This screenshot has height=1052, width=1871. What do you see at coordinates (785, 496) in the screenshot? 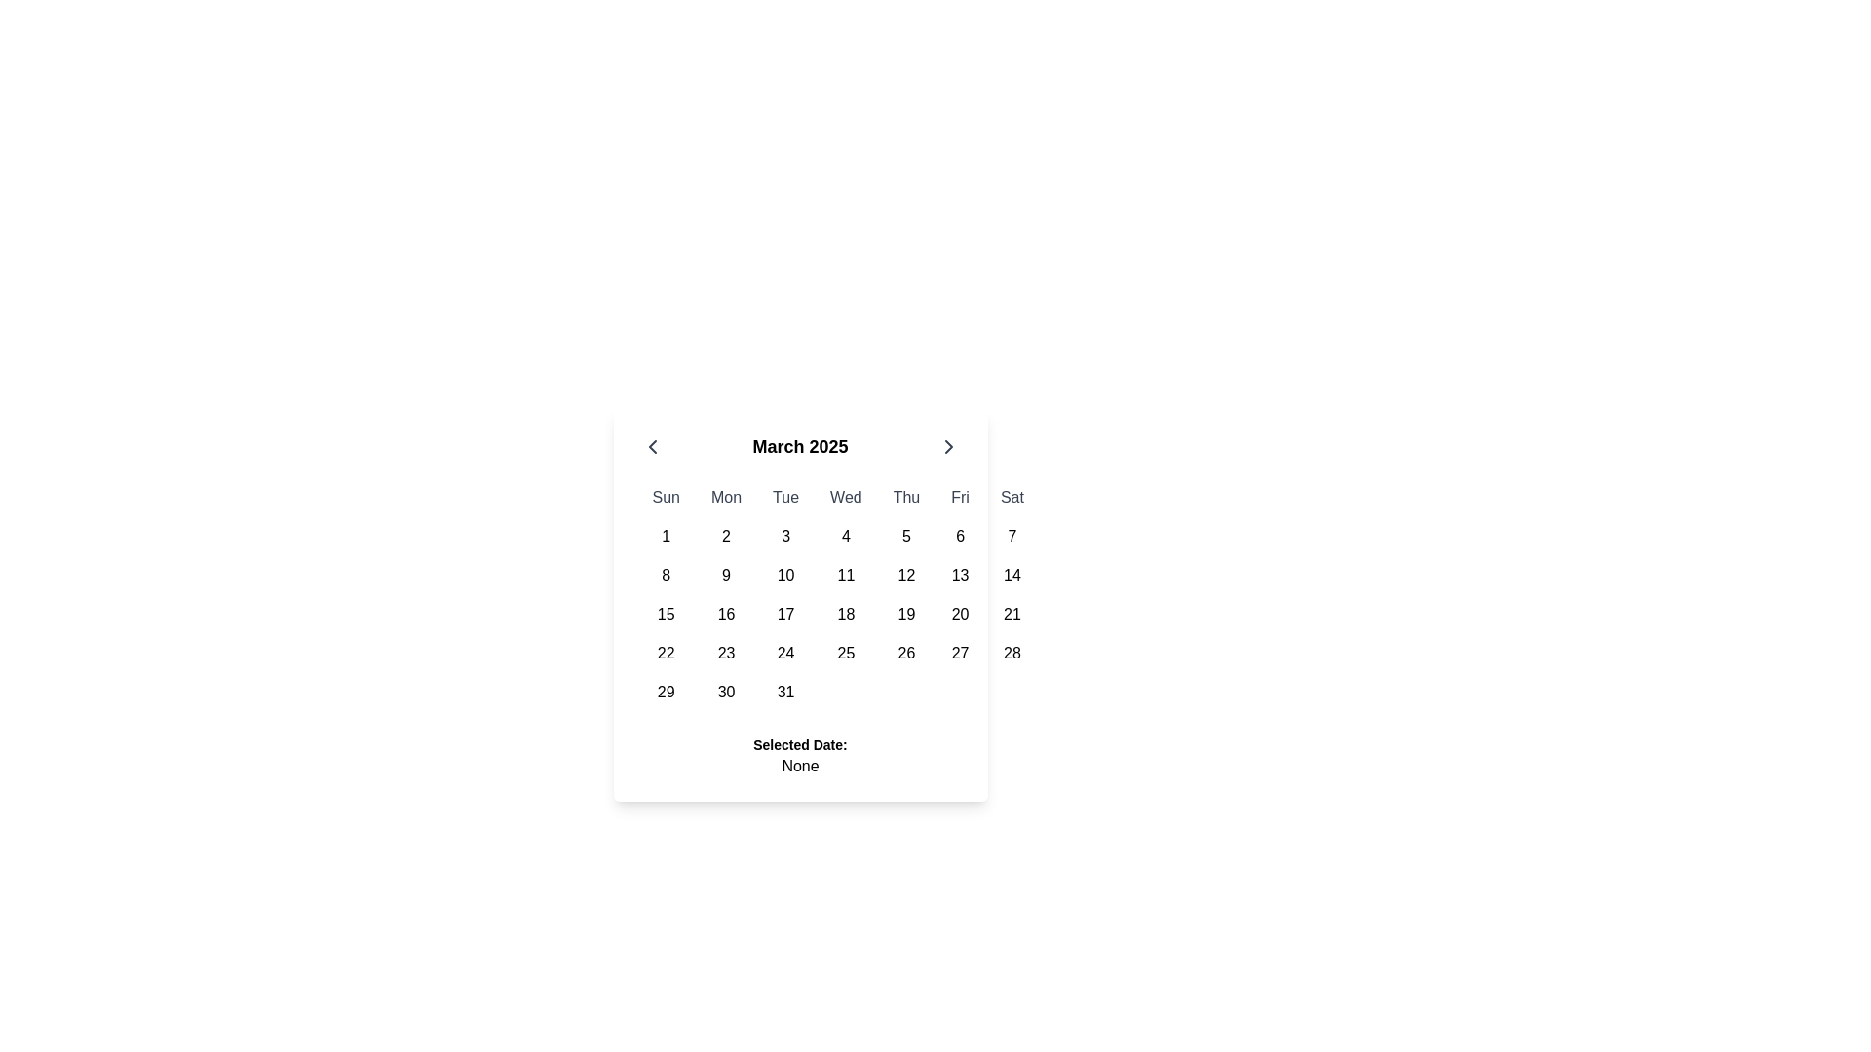
I see `the static text label for 'Tuesday', which is the third element in the sequence of weekday abbreviations, located below the title 'March 2025' in the calendar interface` at bounding box center [785, 496].